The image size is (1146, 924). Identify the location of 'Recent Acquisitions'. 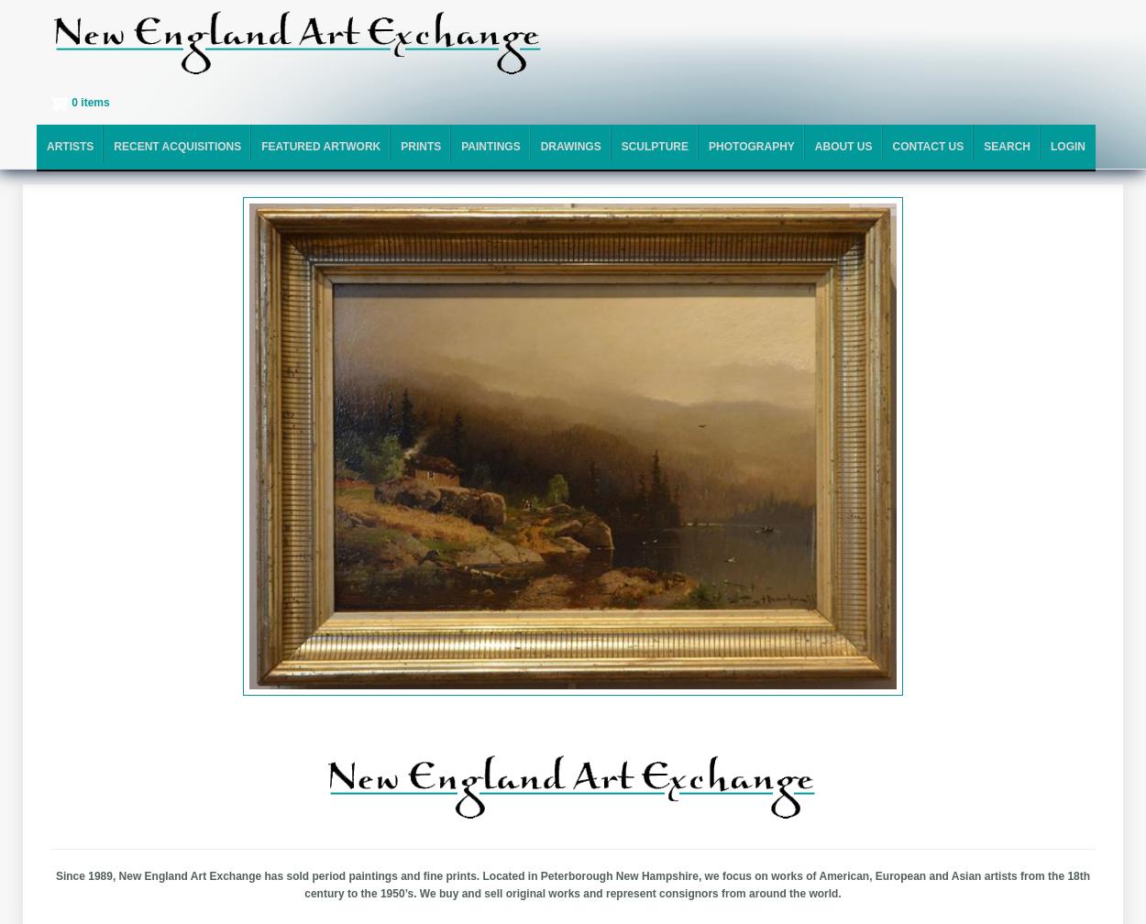
(113, 146).